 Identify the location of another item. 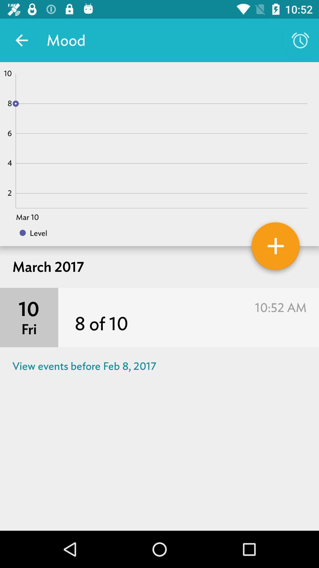
(276, 248).